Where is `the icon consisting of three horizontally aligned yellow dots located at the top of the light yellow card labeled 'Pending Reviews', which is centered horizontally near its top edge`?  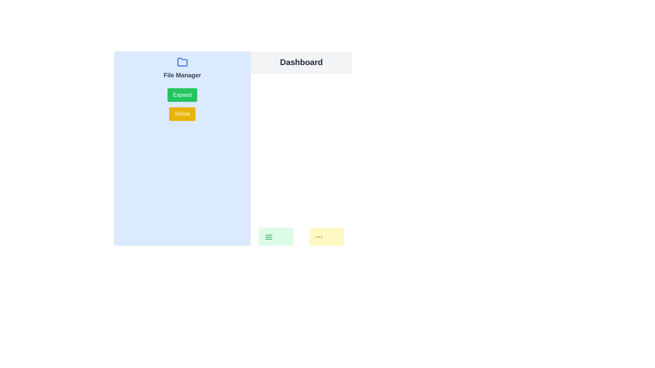 the icon consisting of three horizontally aligned yellow dots located at the top of the light yellow card labeled 'Pending Reviews', which is centered horizontally near its top edge is located at coordinates (319, 236).